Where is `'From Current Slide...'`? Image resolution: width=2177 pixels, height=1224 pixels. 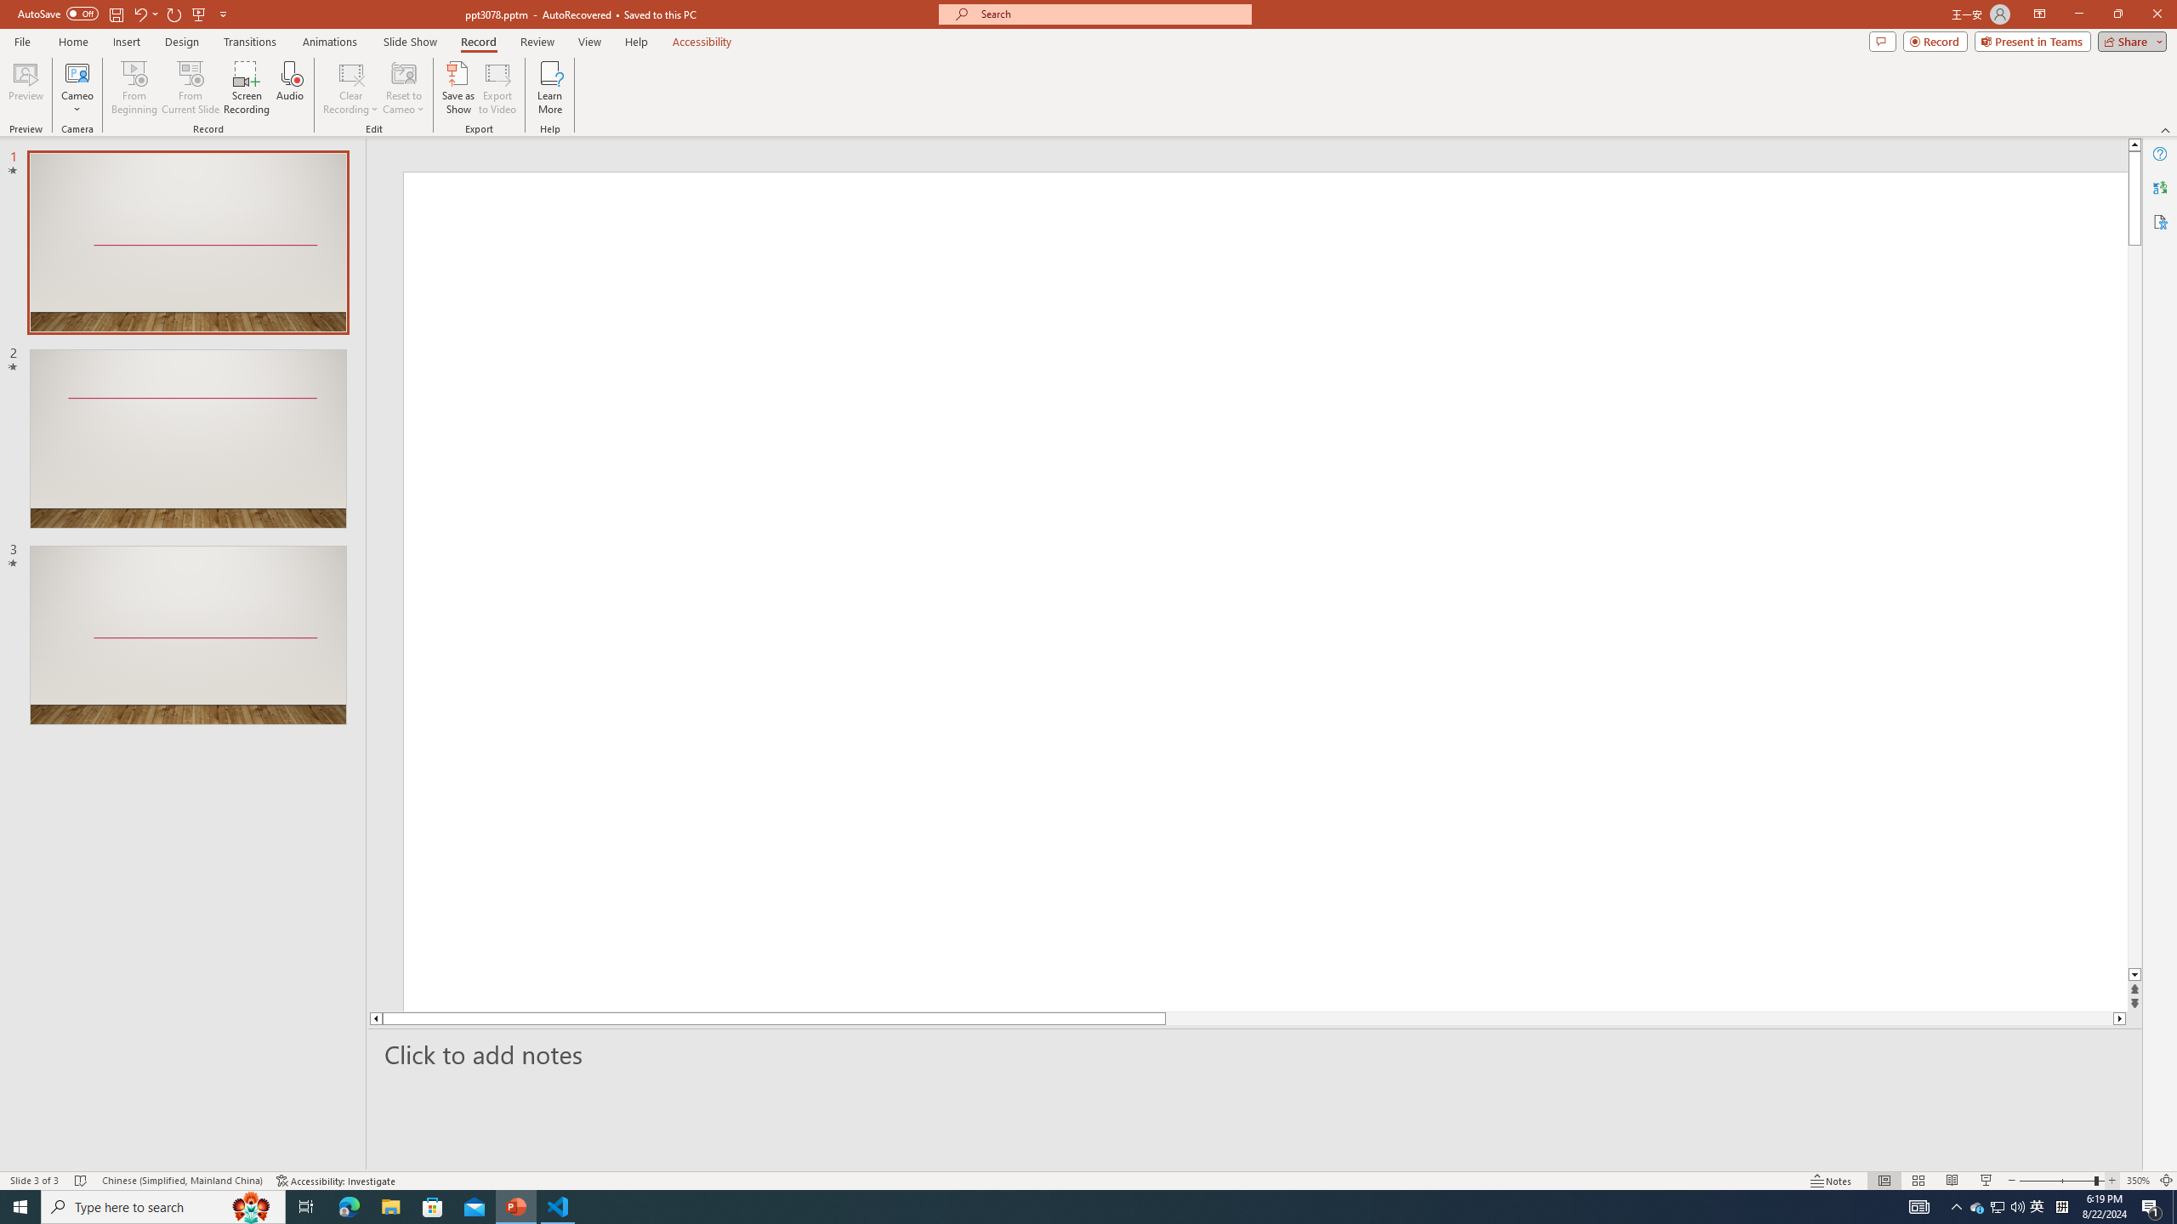
'From Current Slide...' is located at coordinates (190, 88).